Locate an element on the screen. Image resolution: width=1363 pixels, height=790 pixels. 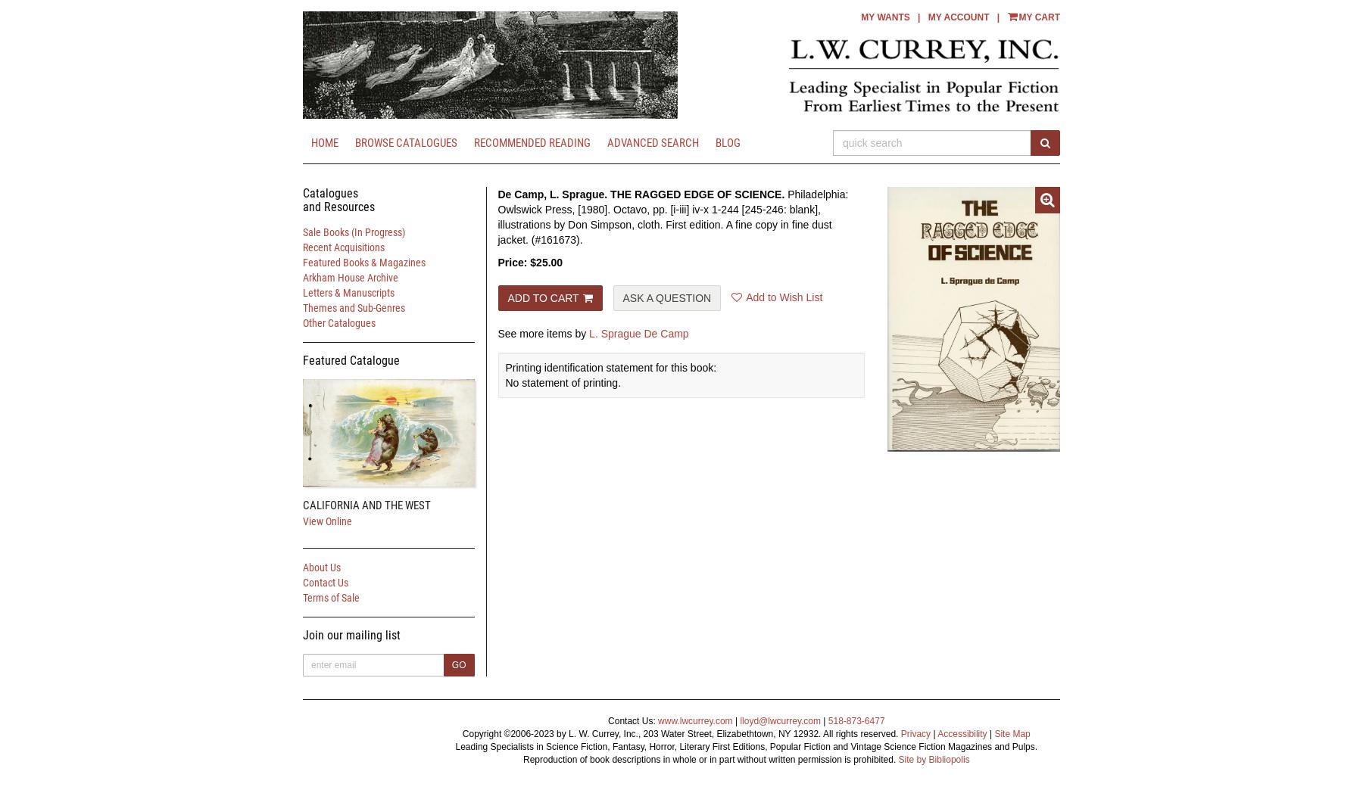
'Advanced Search' is located at coordinates (607, 142).